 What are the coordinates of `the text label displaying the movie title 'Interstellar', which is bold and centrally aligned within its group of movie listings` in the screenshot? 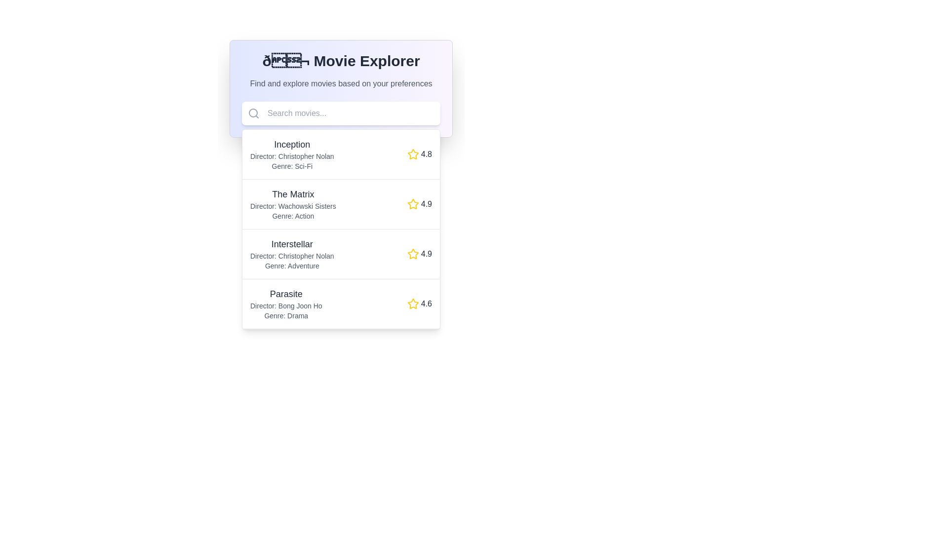 It's located at (291, 244).